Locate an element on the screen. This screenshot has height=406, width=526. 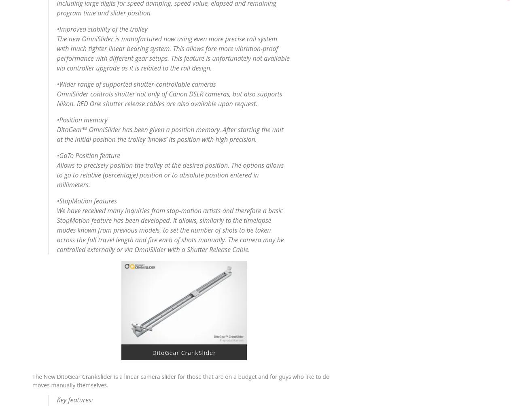
'•Improved stability of the trolley' is located at coordinates (101, 29).